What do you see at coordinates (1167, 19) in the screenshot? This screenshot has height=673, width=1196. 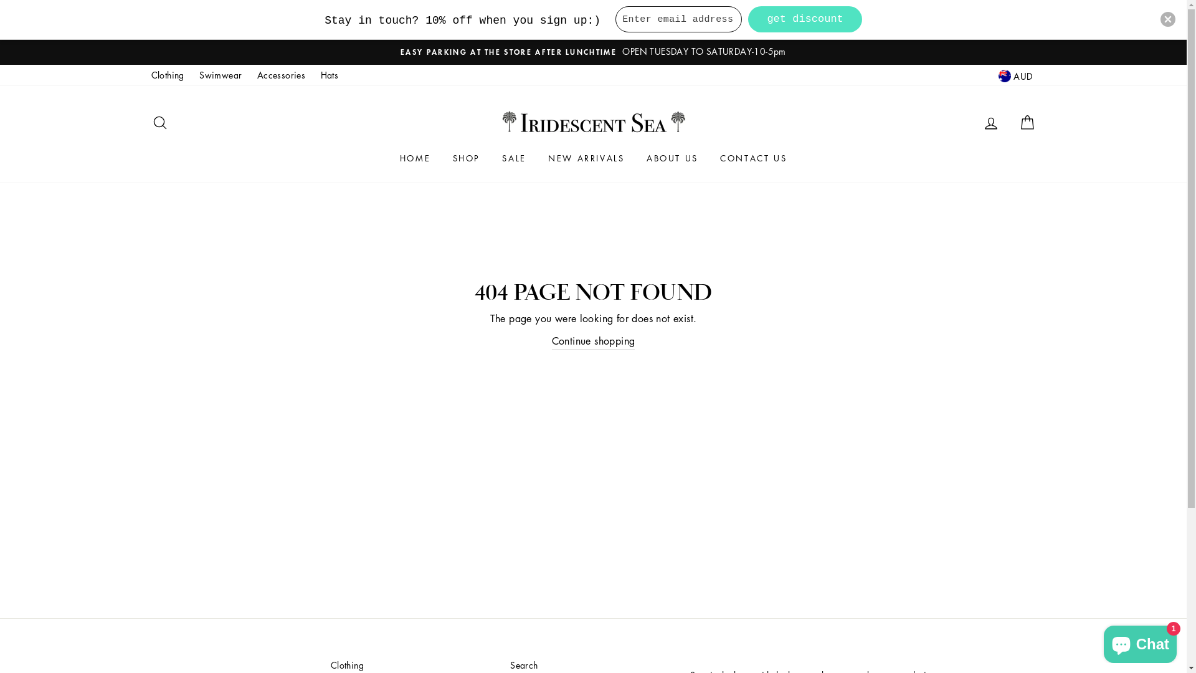 I see `'Close'` at bounding box center [1167, 19].